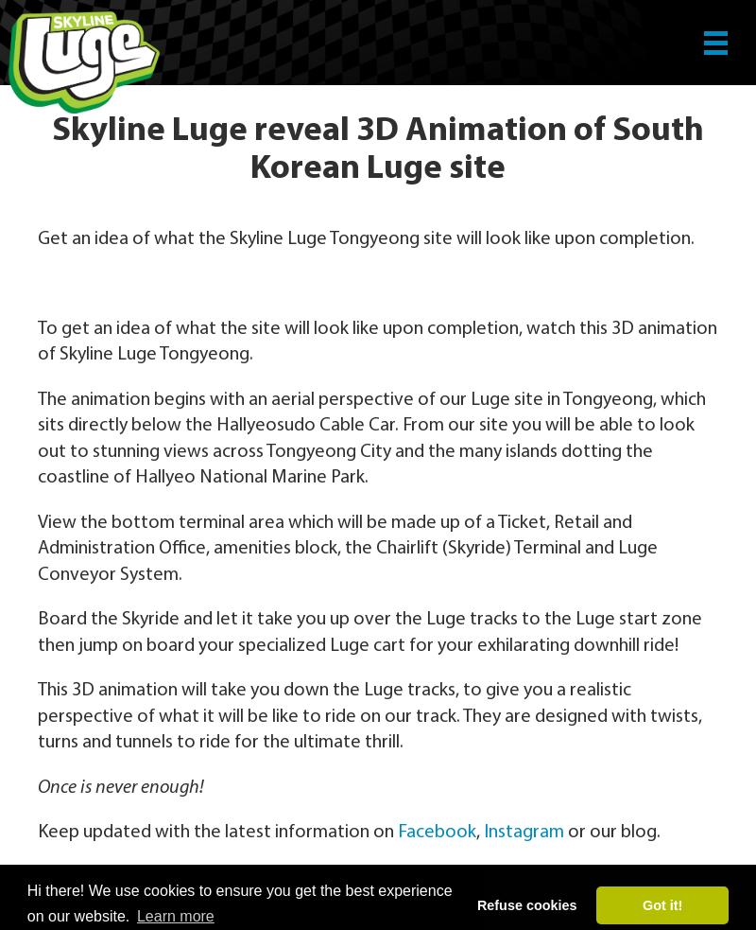 The image size is (756, 930). Describe the element at coordinates (136, 915) in the screenshot. I see `'Learn more'` at that location.